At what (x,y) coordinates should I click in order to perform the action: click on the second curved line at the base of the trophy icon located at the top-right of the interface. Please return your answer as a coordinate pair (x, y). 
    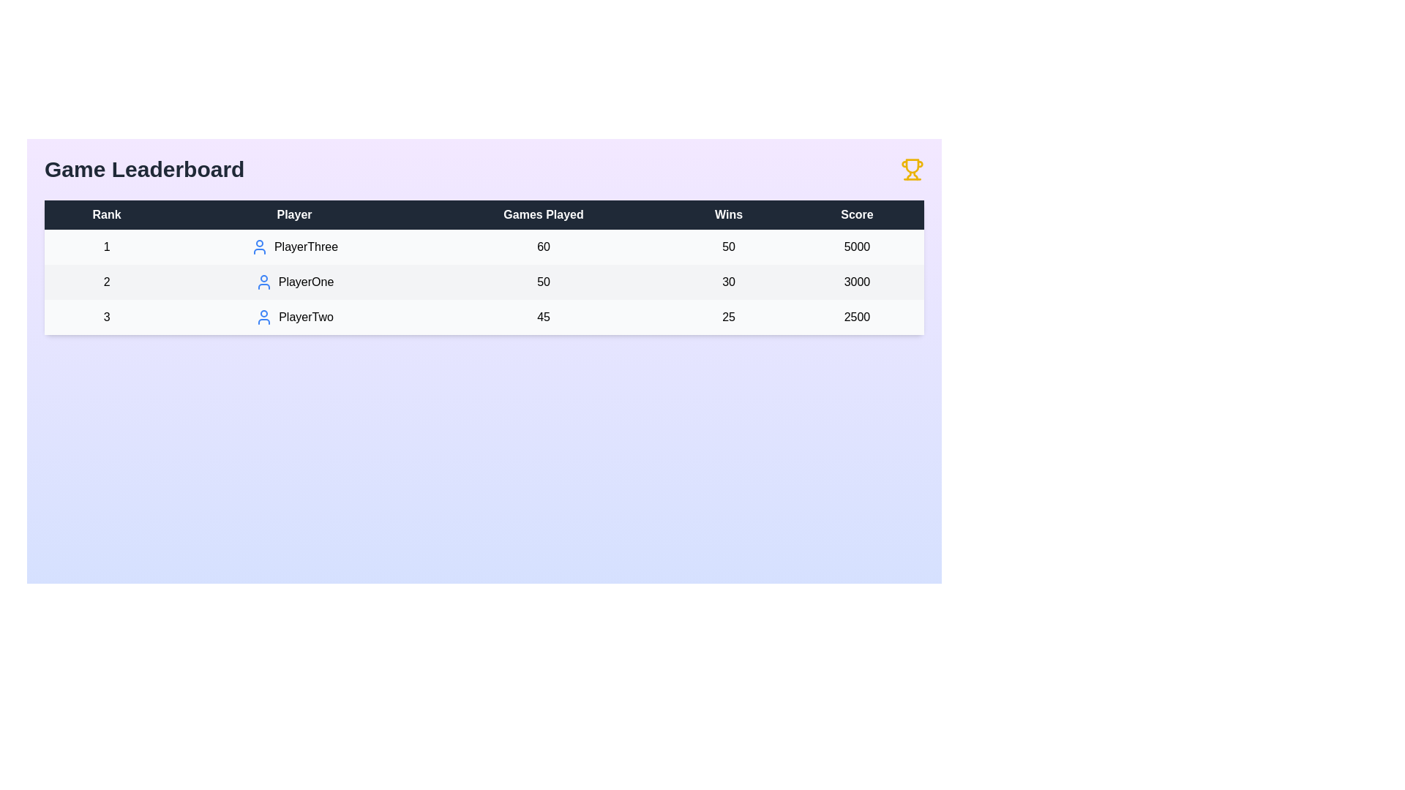
    Looking at the image, I should click on (915, 175).